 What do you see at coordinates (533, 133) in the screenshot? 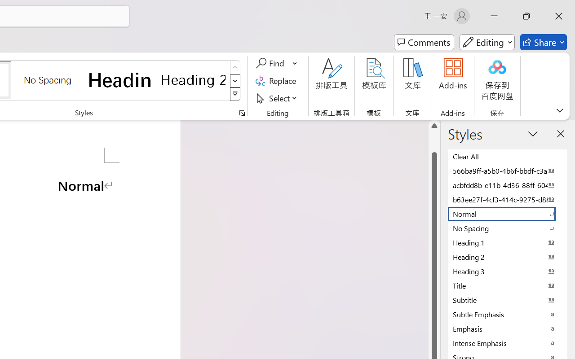
I see `'Task Pane Options'` at bounding box center [533, 133].